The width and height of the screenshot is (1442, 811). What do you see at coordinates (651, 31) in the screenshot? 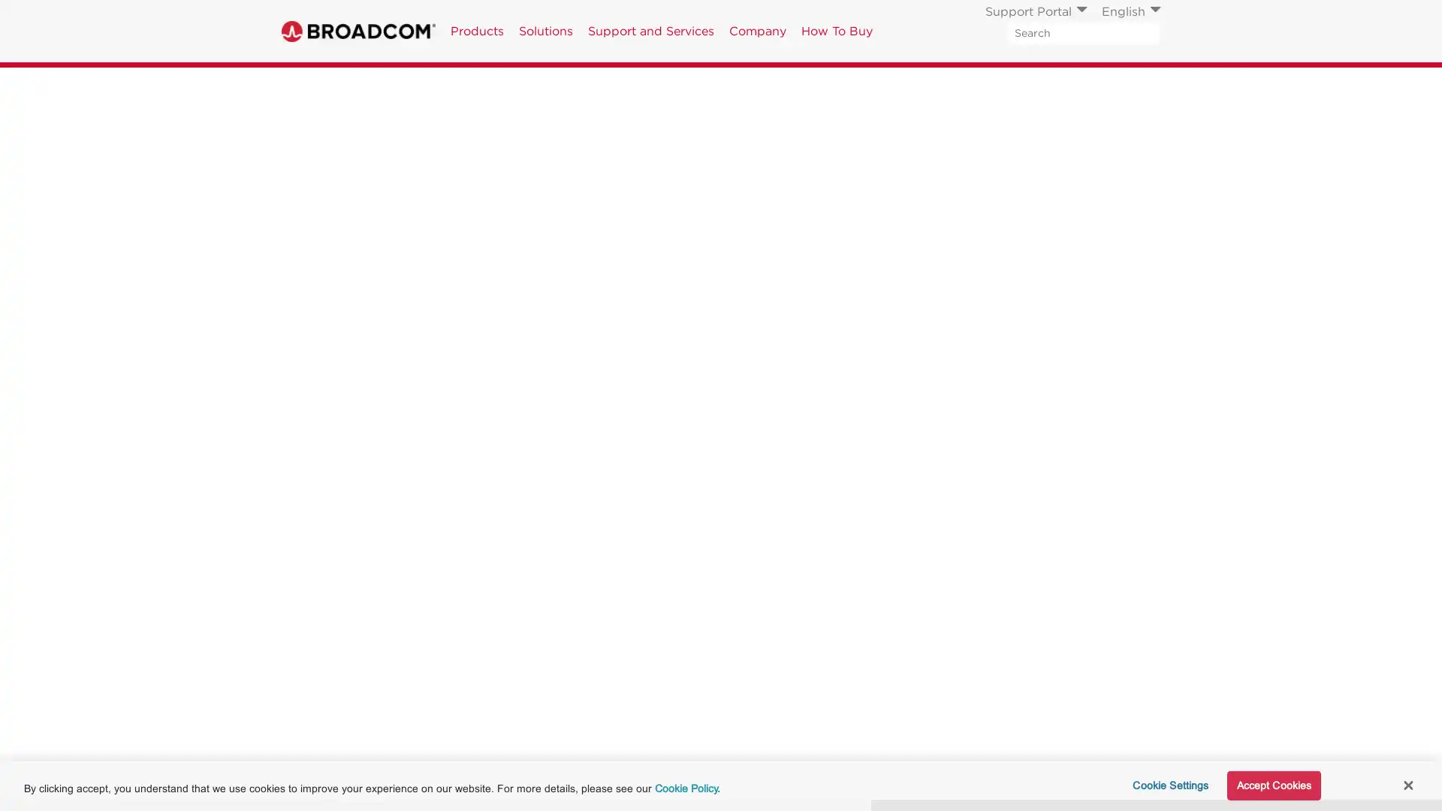
I see `Support and Services` at bounding box center [651, 31].